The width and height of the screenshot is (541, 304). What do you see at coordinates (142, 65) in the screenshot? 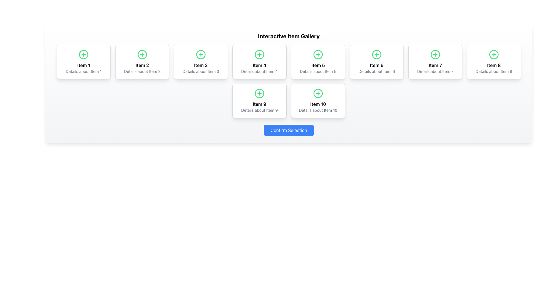
I see `the bold text label displaying 'Item 2', which is centered in the second card of the item gallery` at bounding box center [142, 65].